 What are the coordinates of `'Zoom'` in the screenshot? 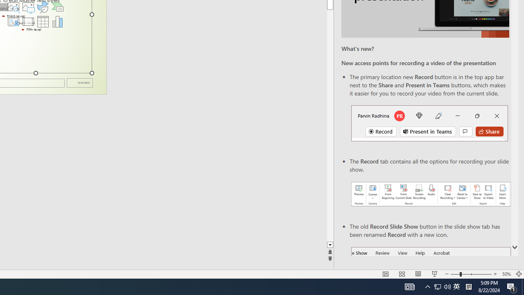 It's located at (471, 274).